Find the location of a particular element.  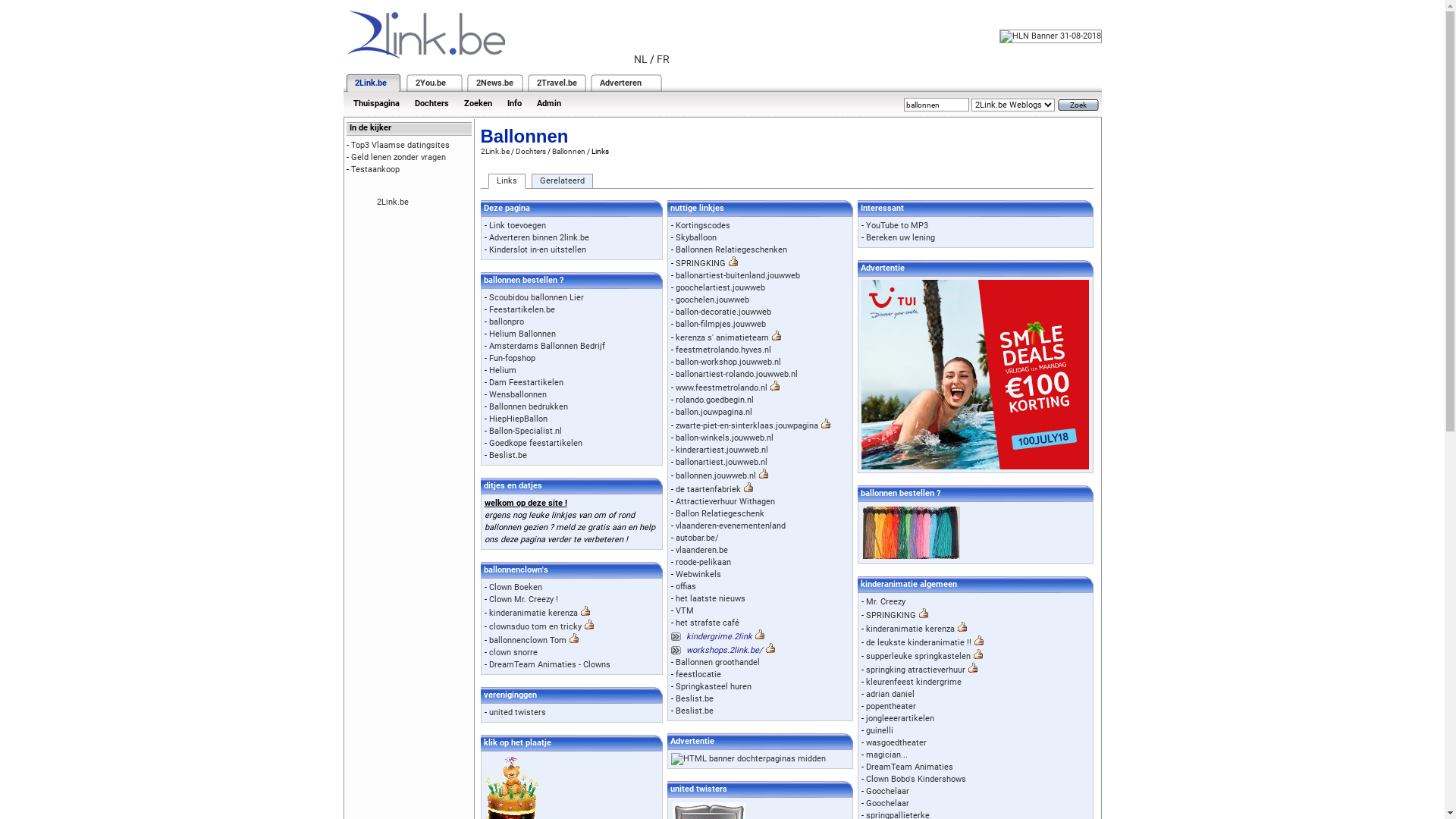

'Springkasteel huren' is located at coordinates (712, 686).